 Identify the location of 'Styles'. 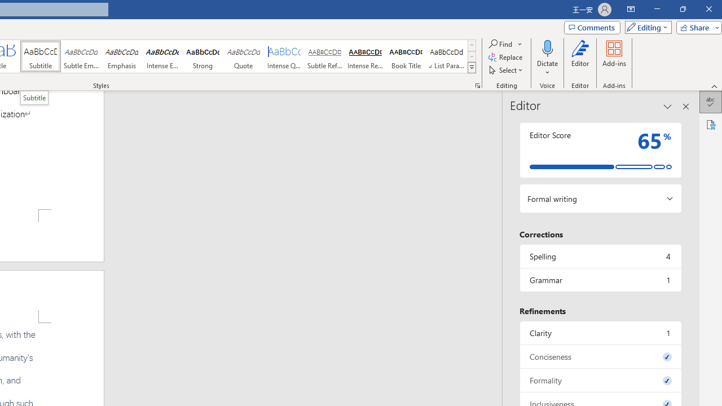
(472, 68).